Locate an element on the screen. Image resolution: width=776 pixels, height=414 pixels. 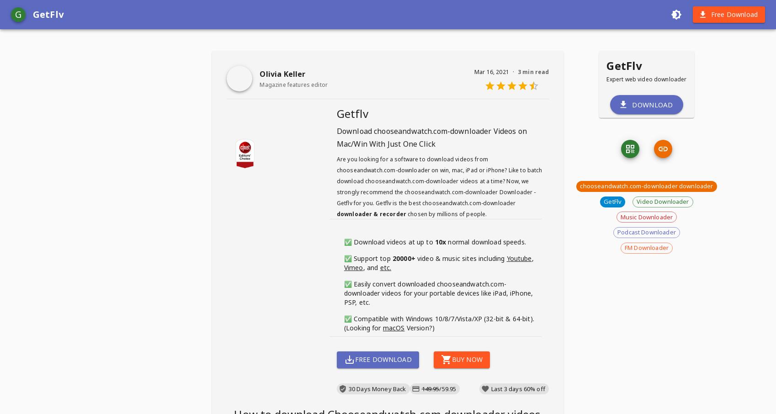
'✅ Download videos at up to' is located at coordinates (389, 242).